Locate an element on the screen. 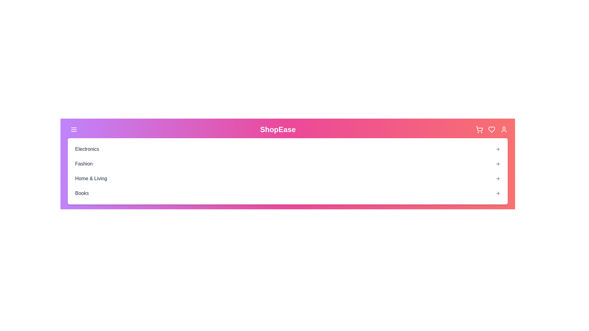  the category Books from the dropdown menu is located at coordinates (82, 193).